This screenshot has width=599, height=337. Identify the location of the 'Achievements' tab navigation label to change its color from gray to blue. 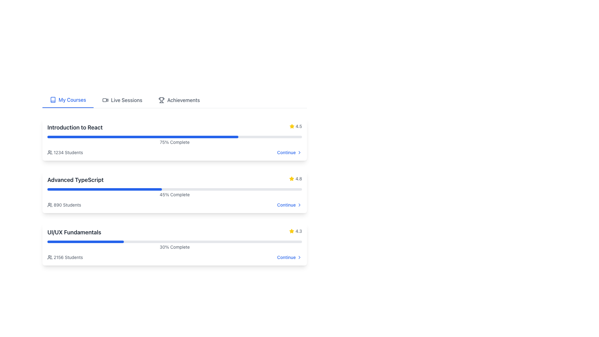
(175, 100).